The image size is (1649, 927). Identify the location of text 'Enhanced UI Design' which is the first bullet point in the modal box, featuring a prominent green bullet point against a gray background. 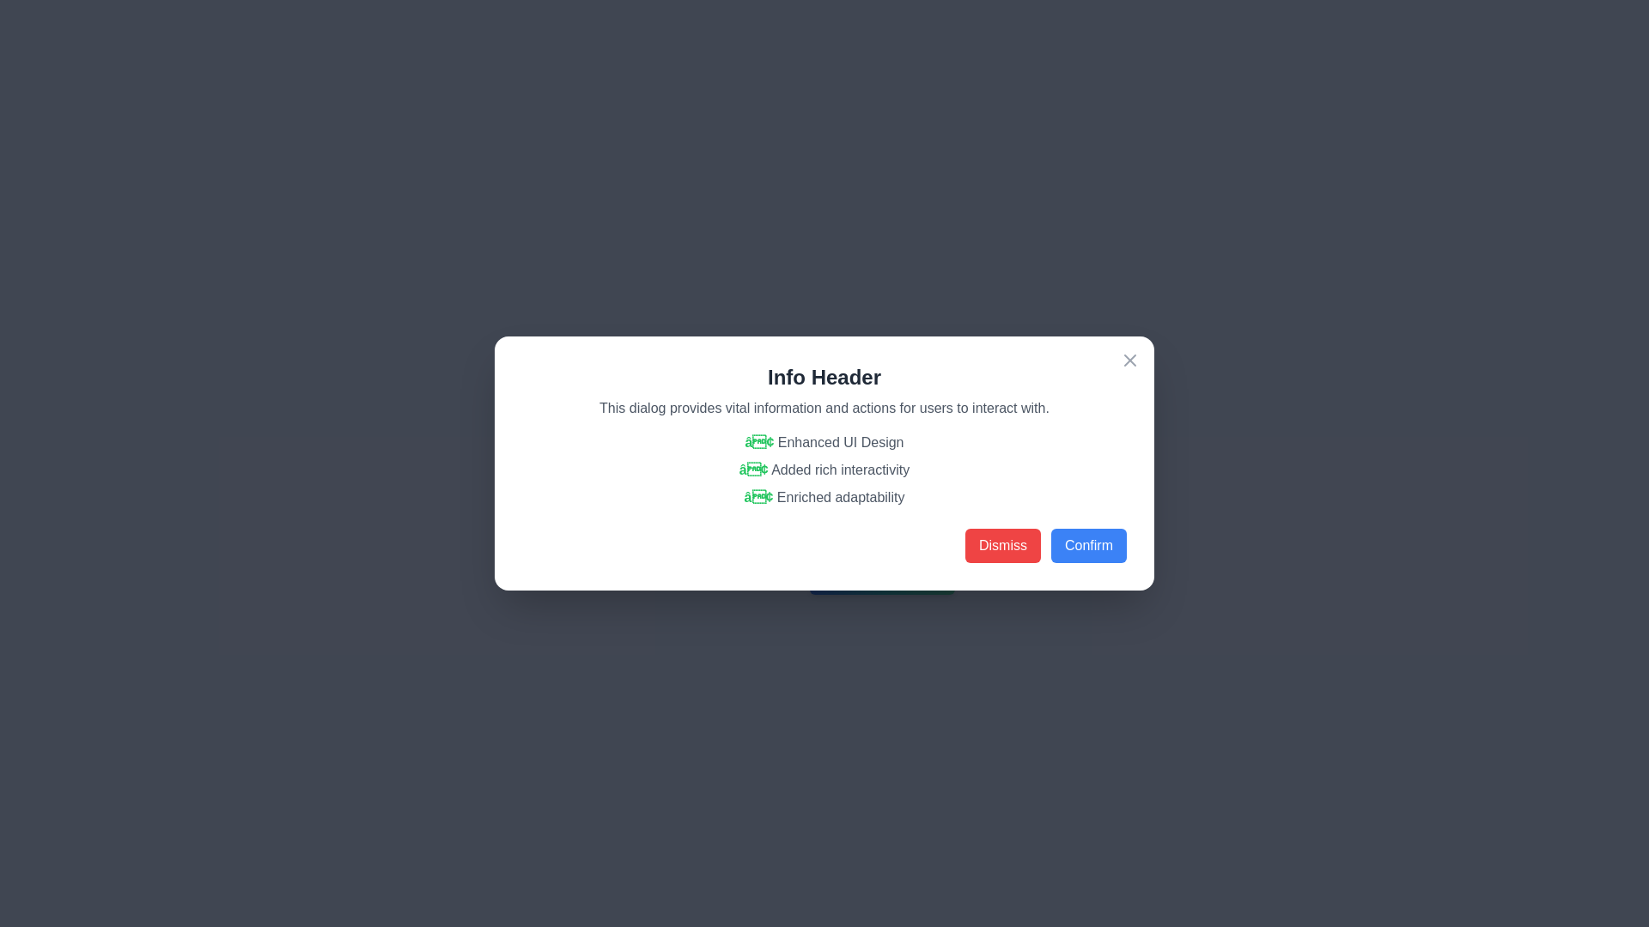
(824, 442).